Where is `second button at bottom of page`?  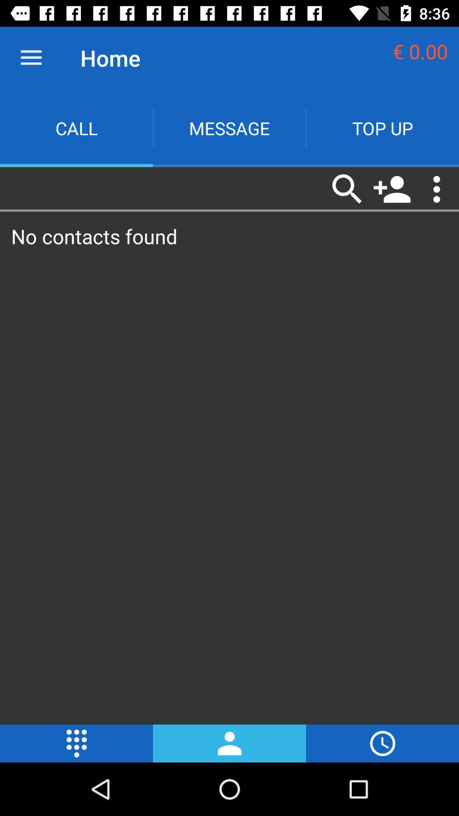
second button at bottom of page is located at coordinates (229, 743).